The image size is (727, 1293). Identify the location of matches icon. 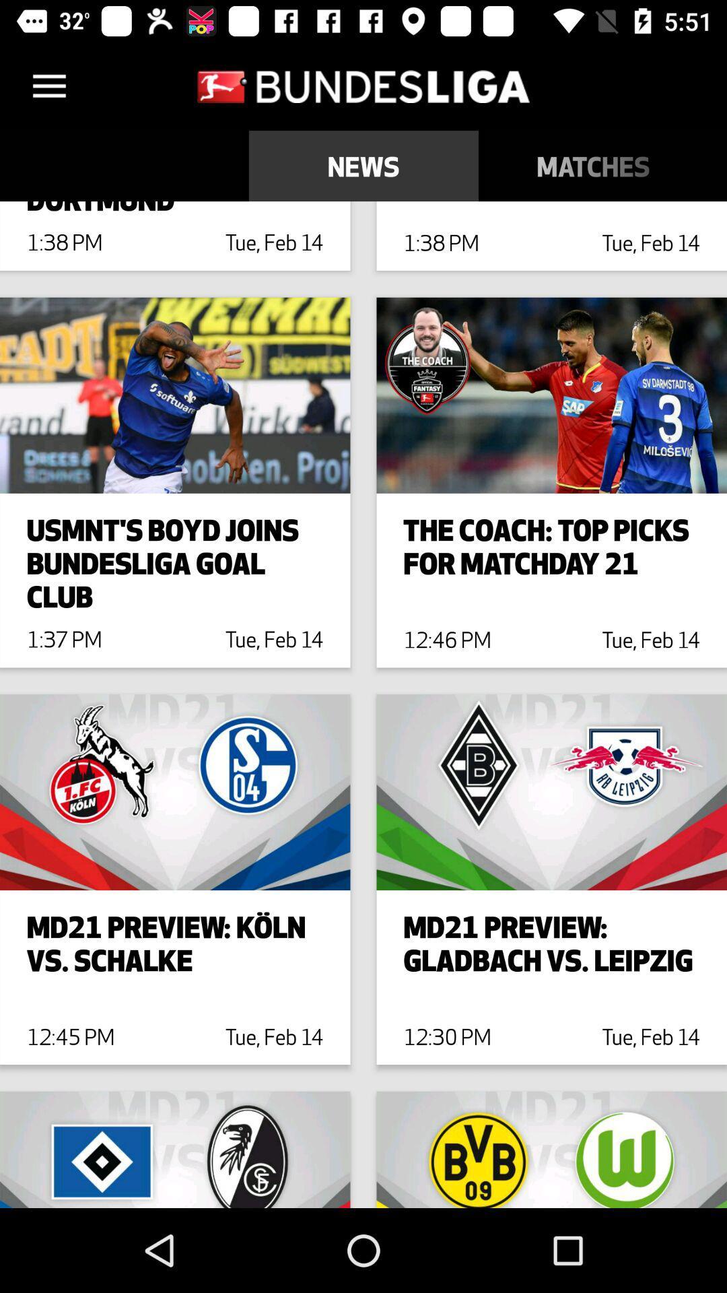
(592, 165).